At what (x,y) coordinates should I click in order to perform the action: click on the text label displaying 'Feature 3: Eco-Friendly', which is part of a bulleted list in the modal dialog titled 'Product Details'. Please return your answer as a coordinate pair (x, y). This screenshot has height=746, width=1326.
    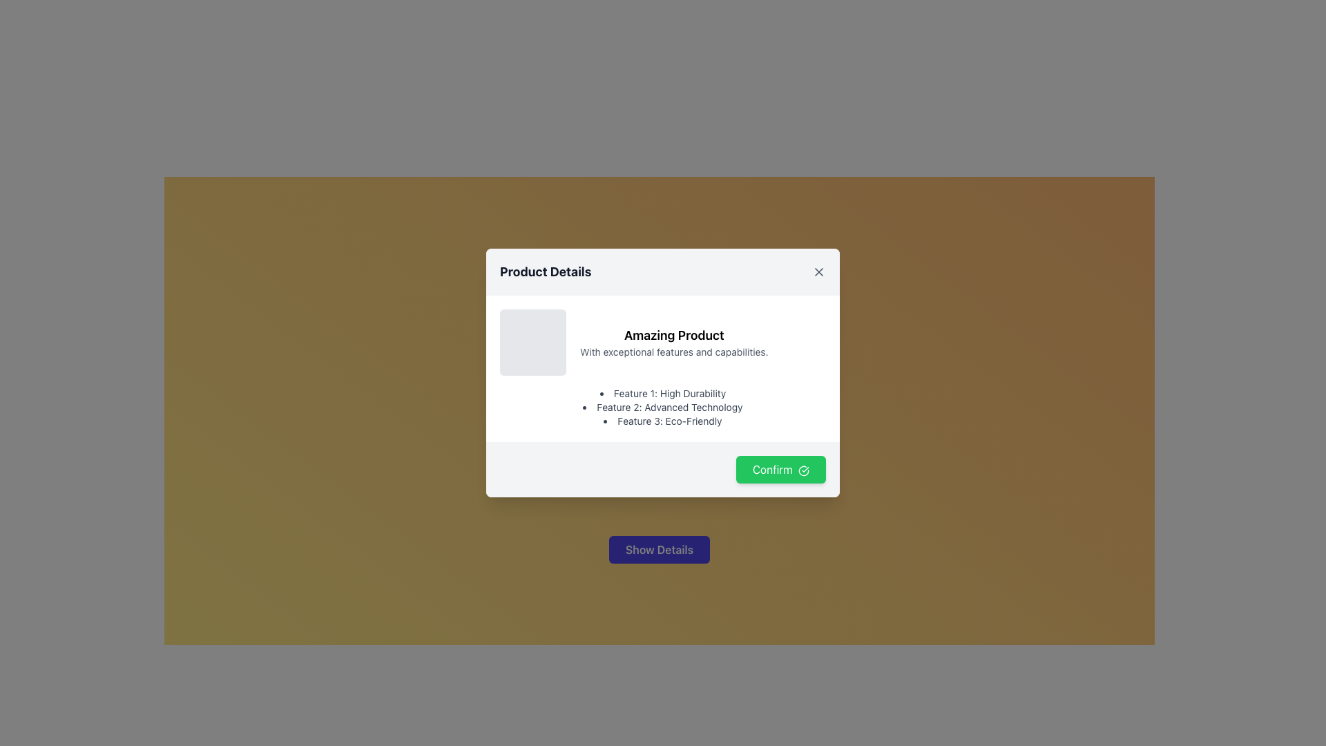
    Looking at the image, I should click on (663, 420).